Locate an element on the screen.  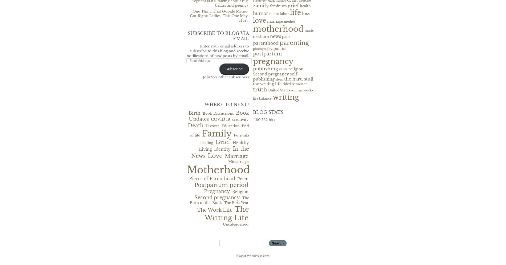
'life' is located at coordinates (295, 12).